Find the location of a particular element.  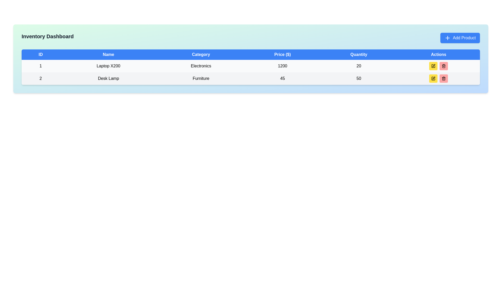

the plus icon located within the 'Add Product' button at the top right corner of the interface is located at coordinates (447, 38).